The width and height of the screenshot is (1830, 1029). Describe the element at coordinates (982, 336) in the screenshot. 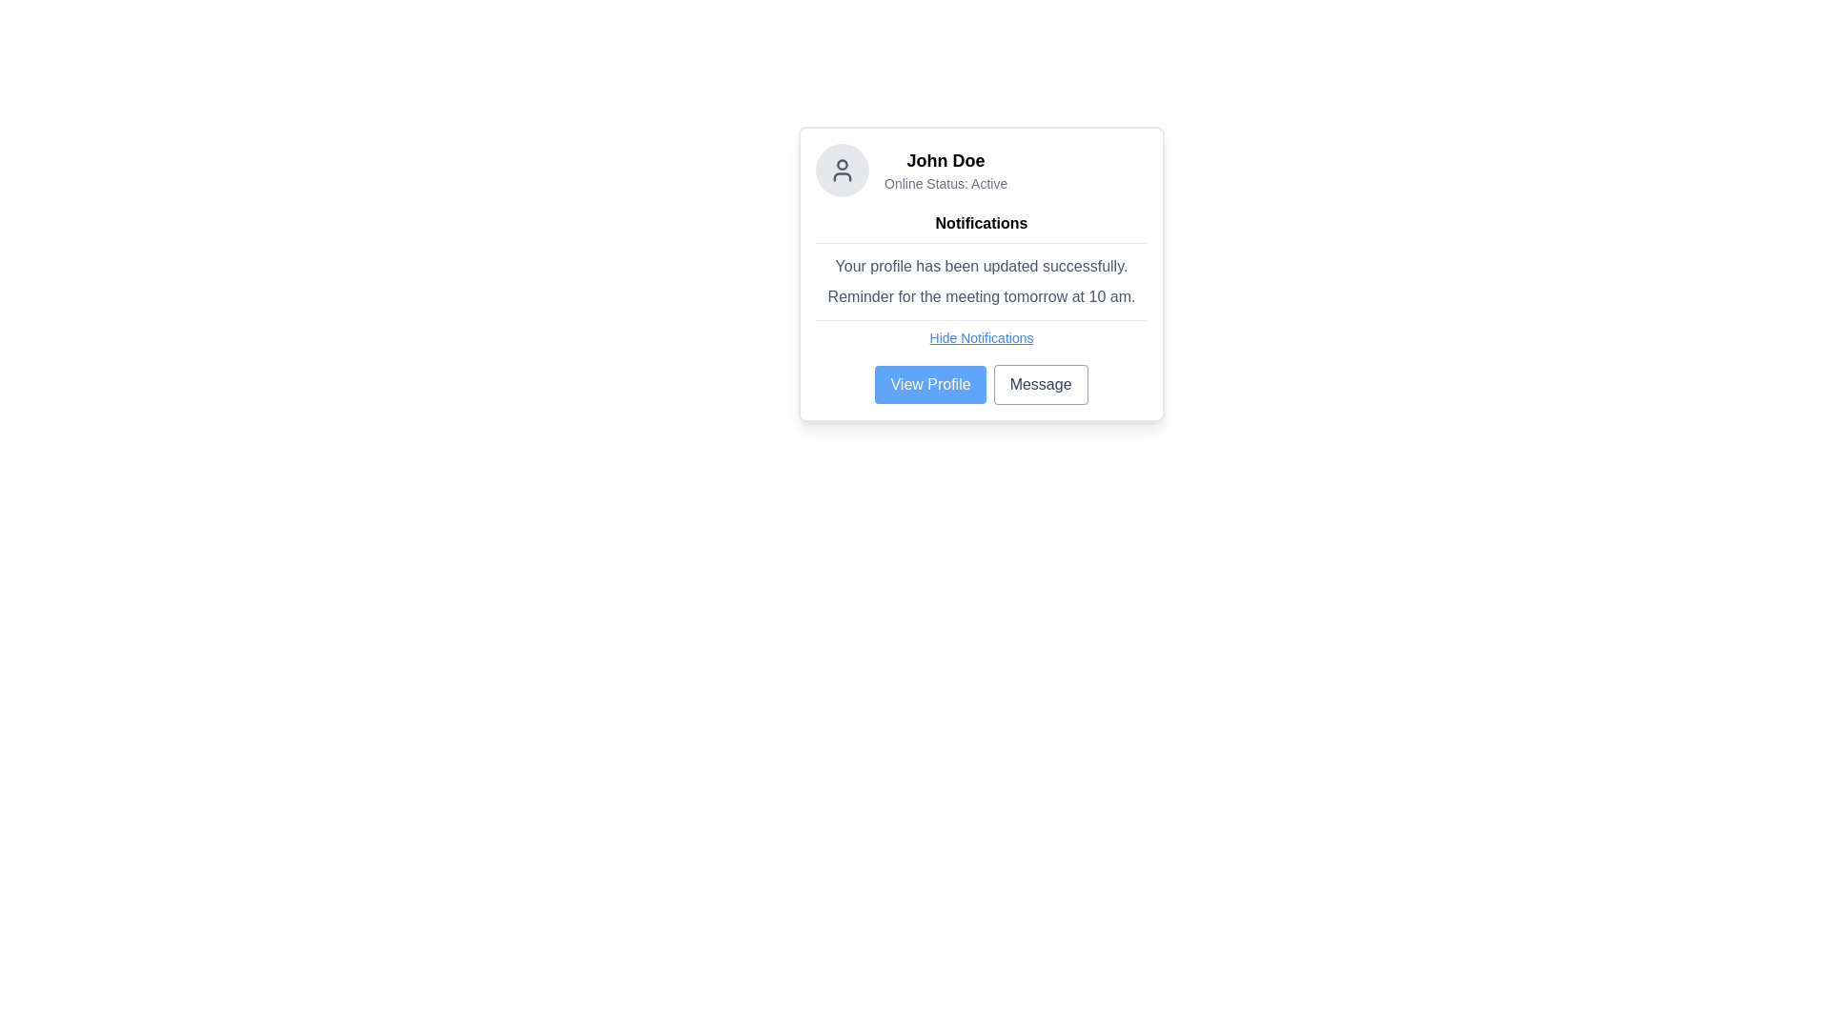

I see `the blue underlined text hyperlink reading 'Hide Notifications'` at that location.